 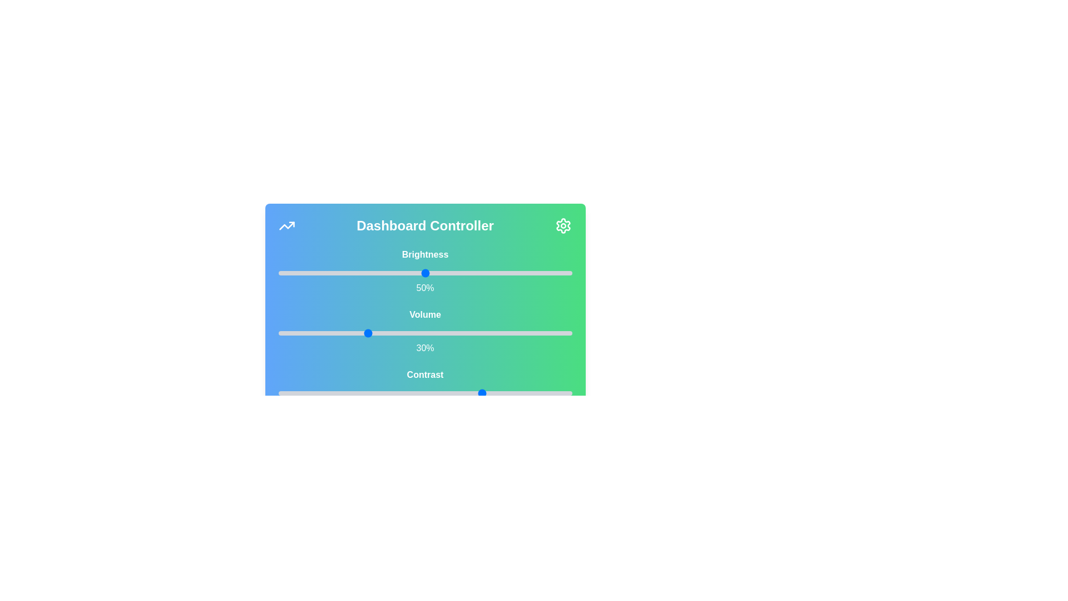 I want to click on the brightness slider to 29%, so click(x=363, y=273).